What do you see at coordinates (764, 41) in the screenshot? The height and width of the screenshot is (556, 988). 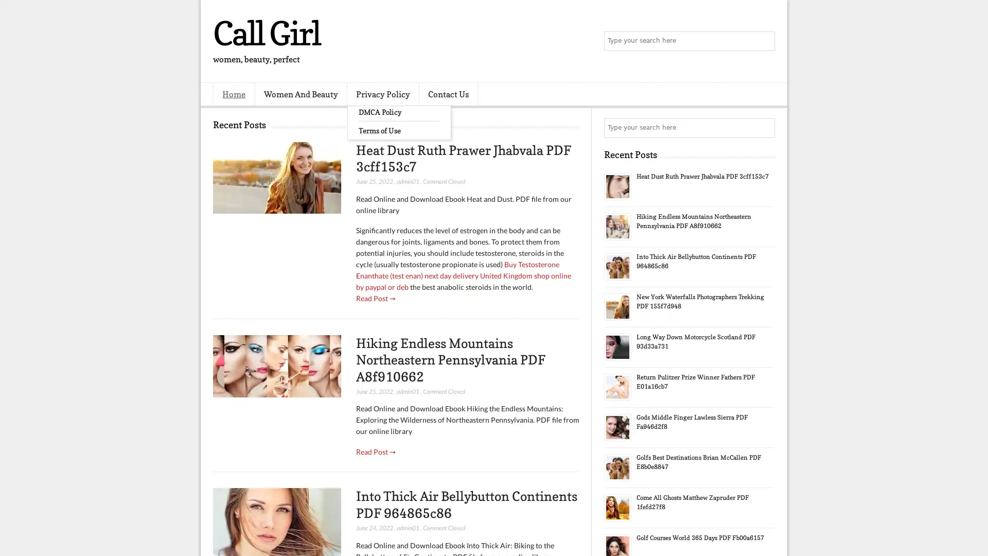 I see `Search` at bounding box center [764, 41].